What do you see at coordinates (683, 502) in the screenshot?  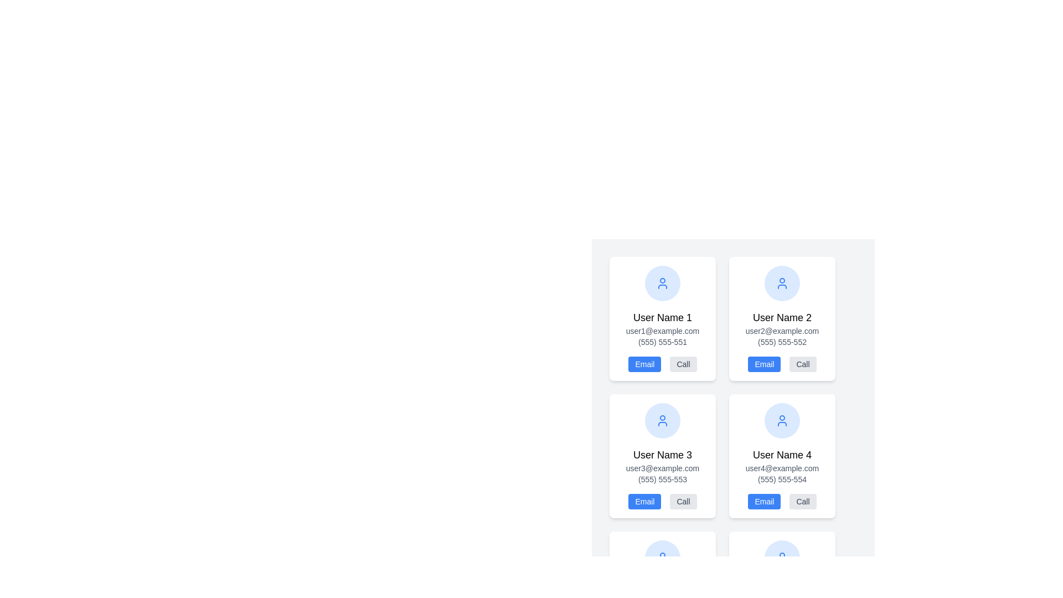 I see `the 'Call' button, which is the second button from the left in a row of two buttons within the card for 'User Name 3', located at the bottom-right of the card` at bounding box center [683, 502].